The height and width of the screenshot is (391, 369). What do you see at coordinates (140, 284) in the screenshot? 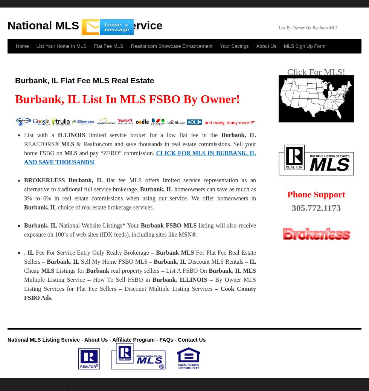
I see `'– By Owner MLS Listing Services for Flat Fee Sellers – Discount Multiple Listing Services –'` at bounding box center [140, 284].